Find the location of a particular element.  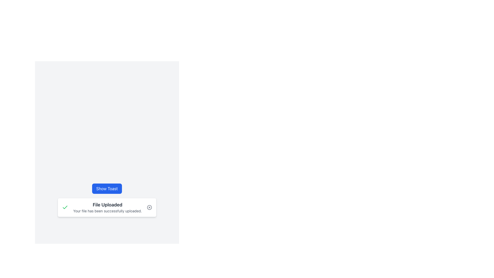

the success icon located to the left of the text 'File Uploaded' in the notification panel, indicating that the file upload operation has been successful is located at coordinates (65, 207).